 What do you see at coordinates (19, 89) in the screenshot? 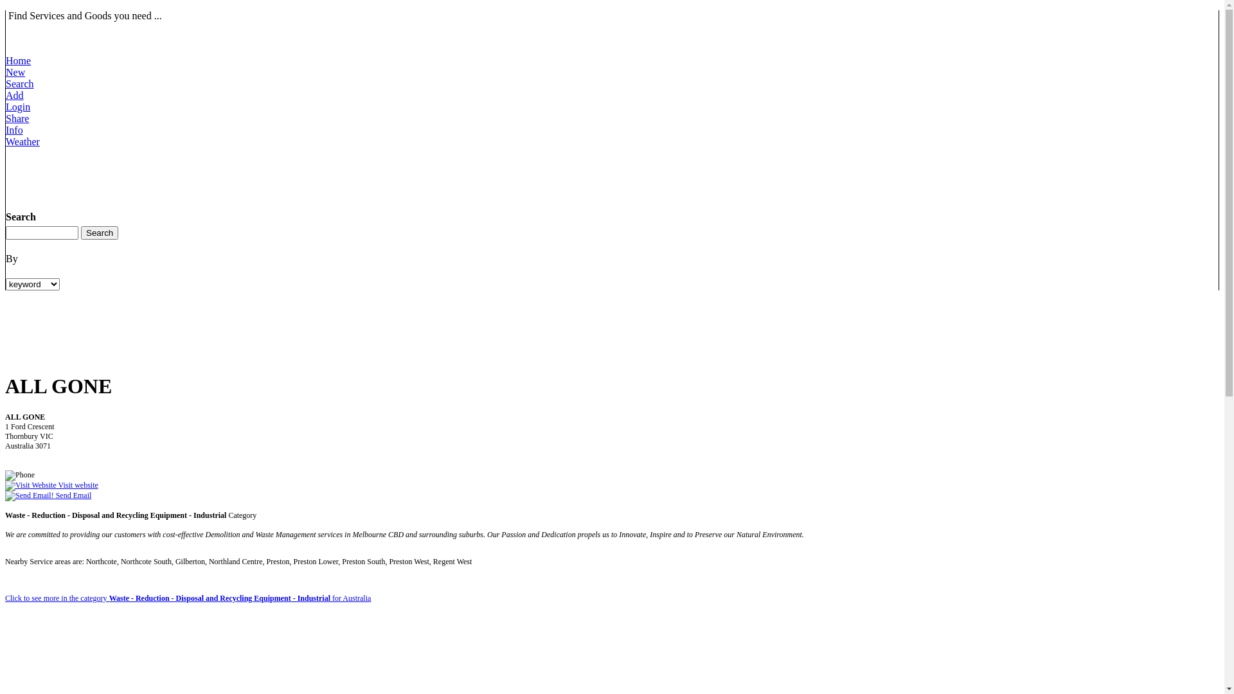
I see `'Search'` at bounding box center [19, 89].